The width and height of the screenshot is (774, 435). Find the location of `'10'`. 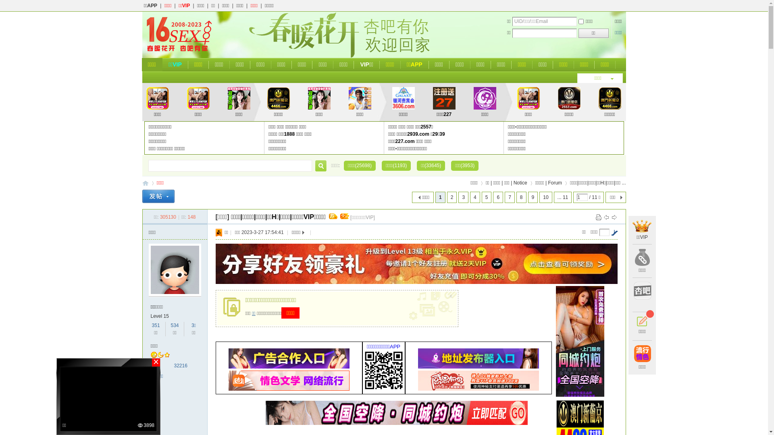

'10' is located at coordinates (539, 197).